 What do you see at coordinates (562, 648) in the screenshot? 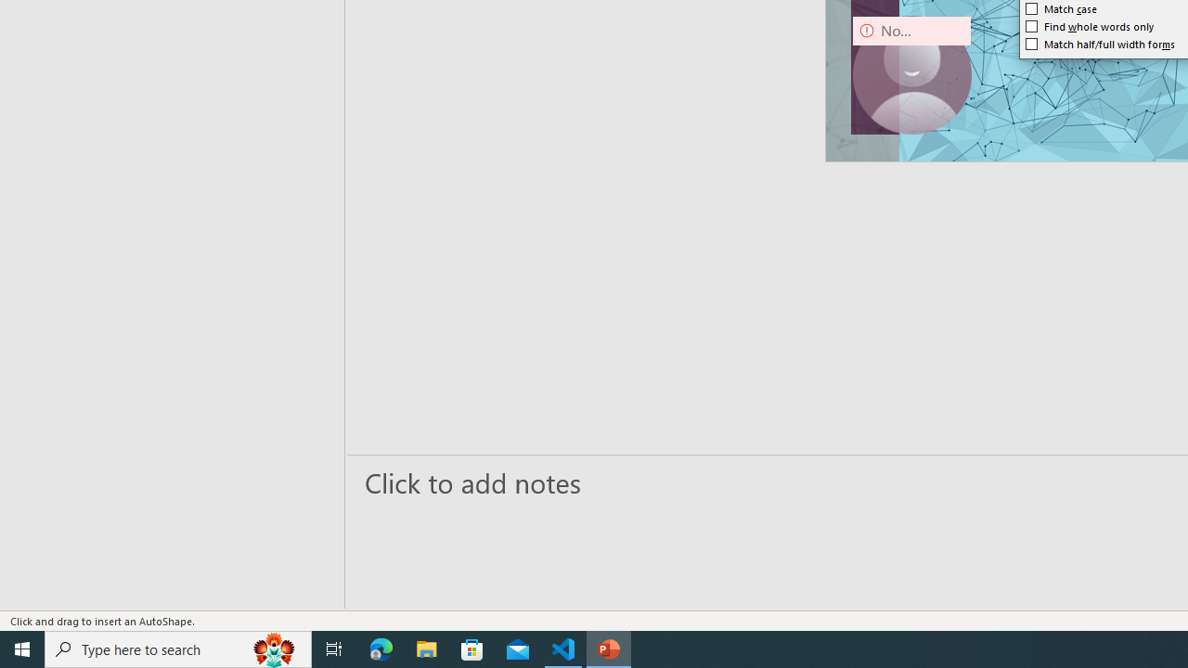
I see `'Visual Studio Code - 1 running window'` at bounding box center [562, 648].